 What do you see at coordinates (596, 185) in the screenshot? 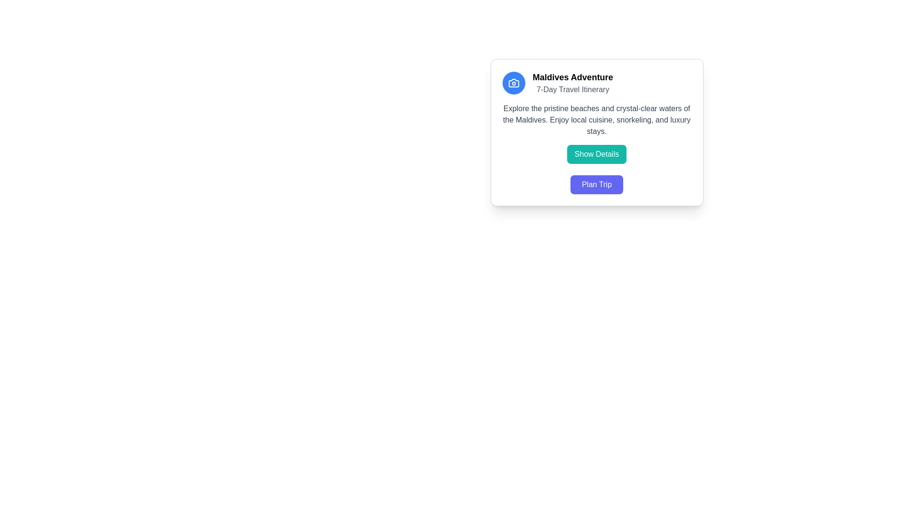
I see `the 'Plan Trip' button, which is a rectangular button with rounded corners, purple background, and white text, located at the bottom of the travel itinerary card titled 'Maldives Adventure'` at bounding box center [596, 185].